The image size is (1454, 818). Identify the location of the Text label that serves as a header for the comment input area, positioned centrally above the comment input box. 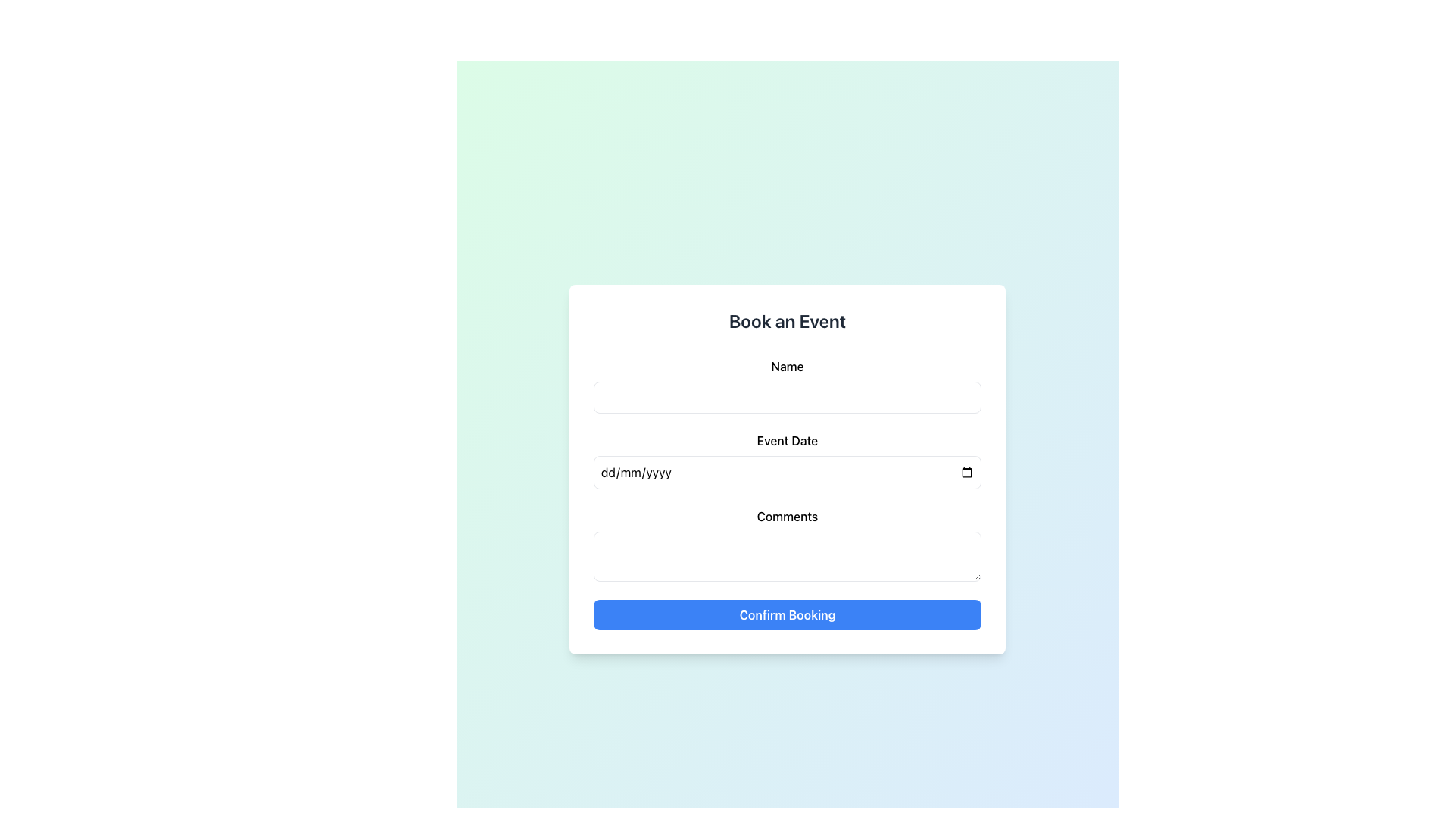
(788, 516).